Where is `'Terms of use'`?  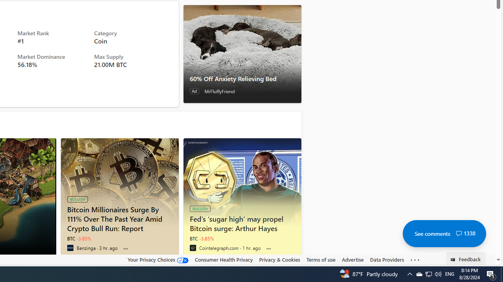 'Terms of use' is located at coordinates (321, 260).